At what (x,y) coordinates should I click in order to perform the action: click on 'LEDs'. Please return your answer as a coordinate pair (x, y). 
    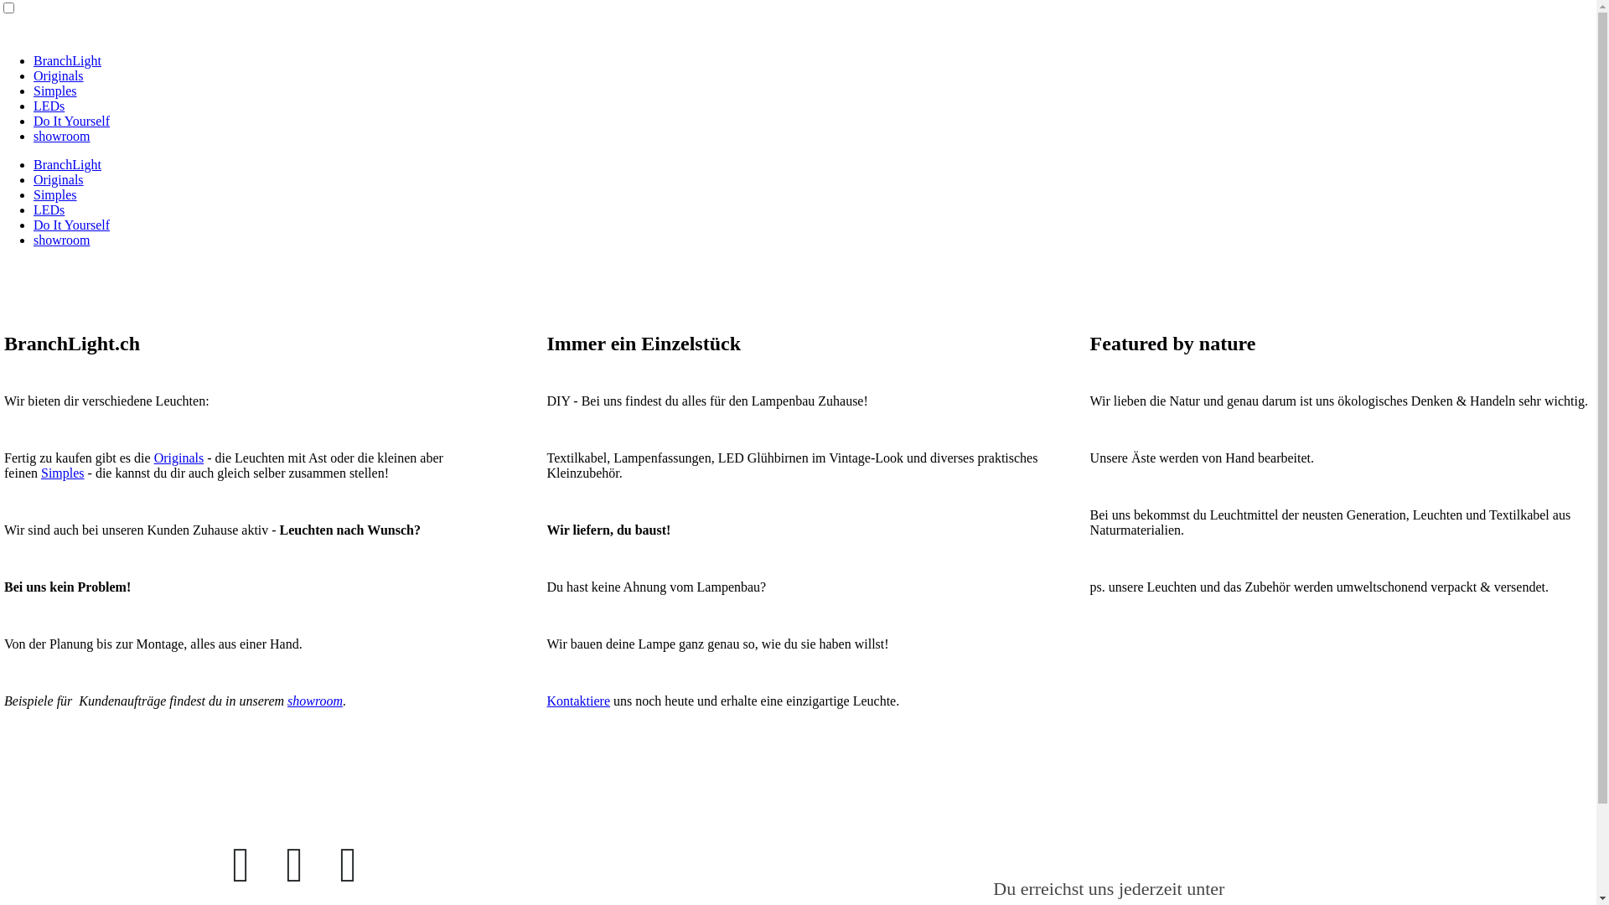
    Looking at the image, I should click on (49, 106).